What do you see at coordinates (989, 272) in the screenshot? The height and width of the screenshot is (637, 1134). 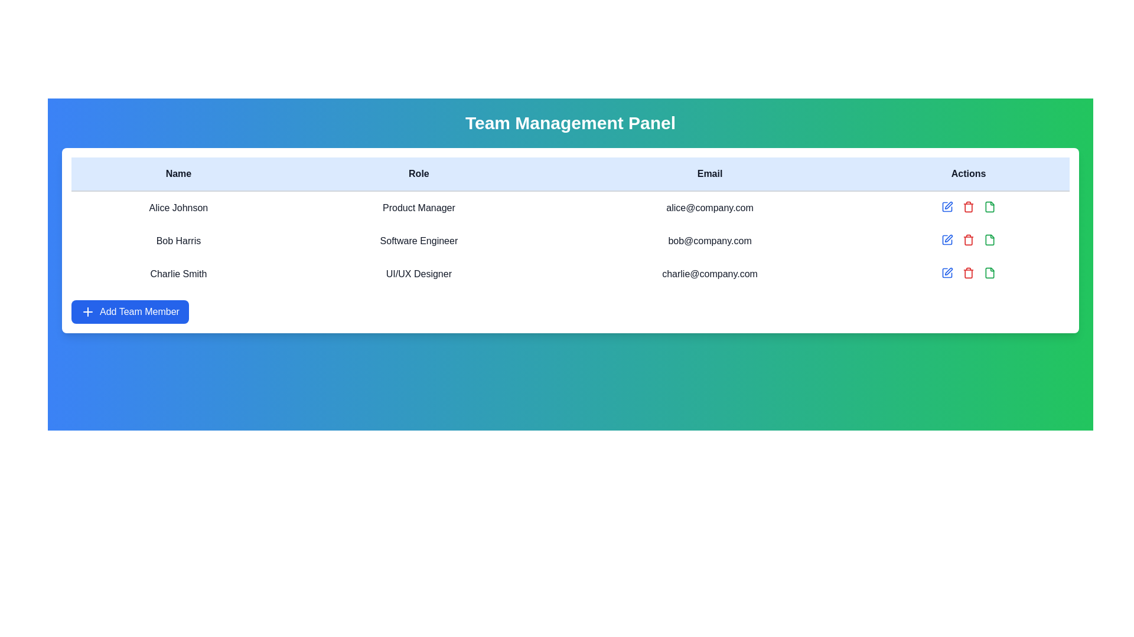 I see `the stylized file icon outlined in black, located in the 'Actions' column of the table in the third row for 'Charlie Smith', to initiate the associated action` at bounding box center [989, 272].